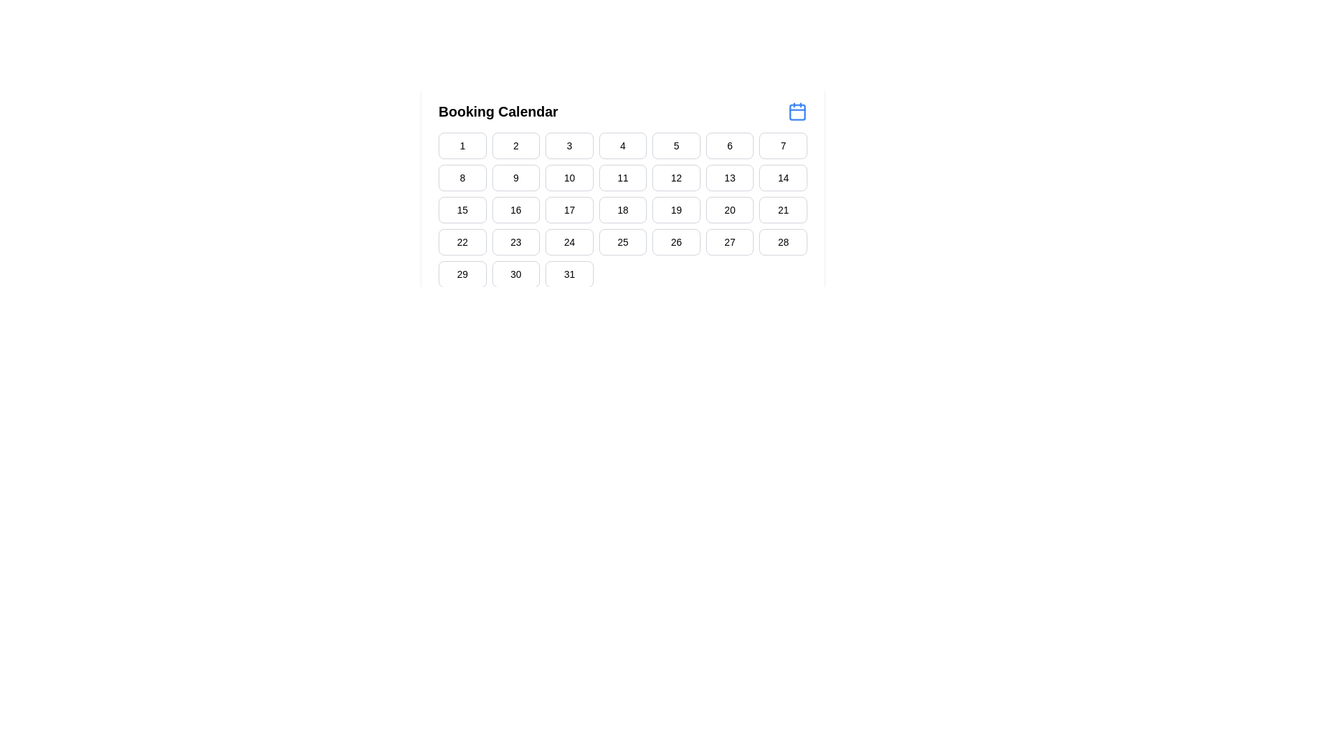 The width and height of the screenshot is (1341, 754). I want to click on the bold text label 'Booking Calendar', so click(498, 110).